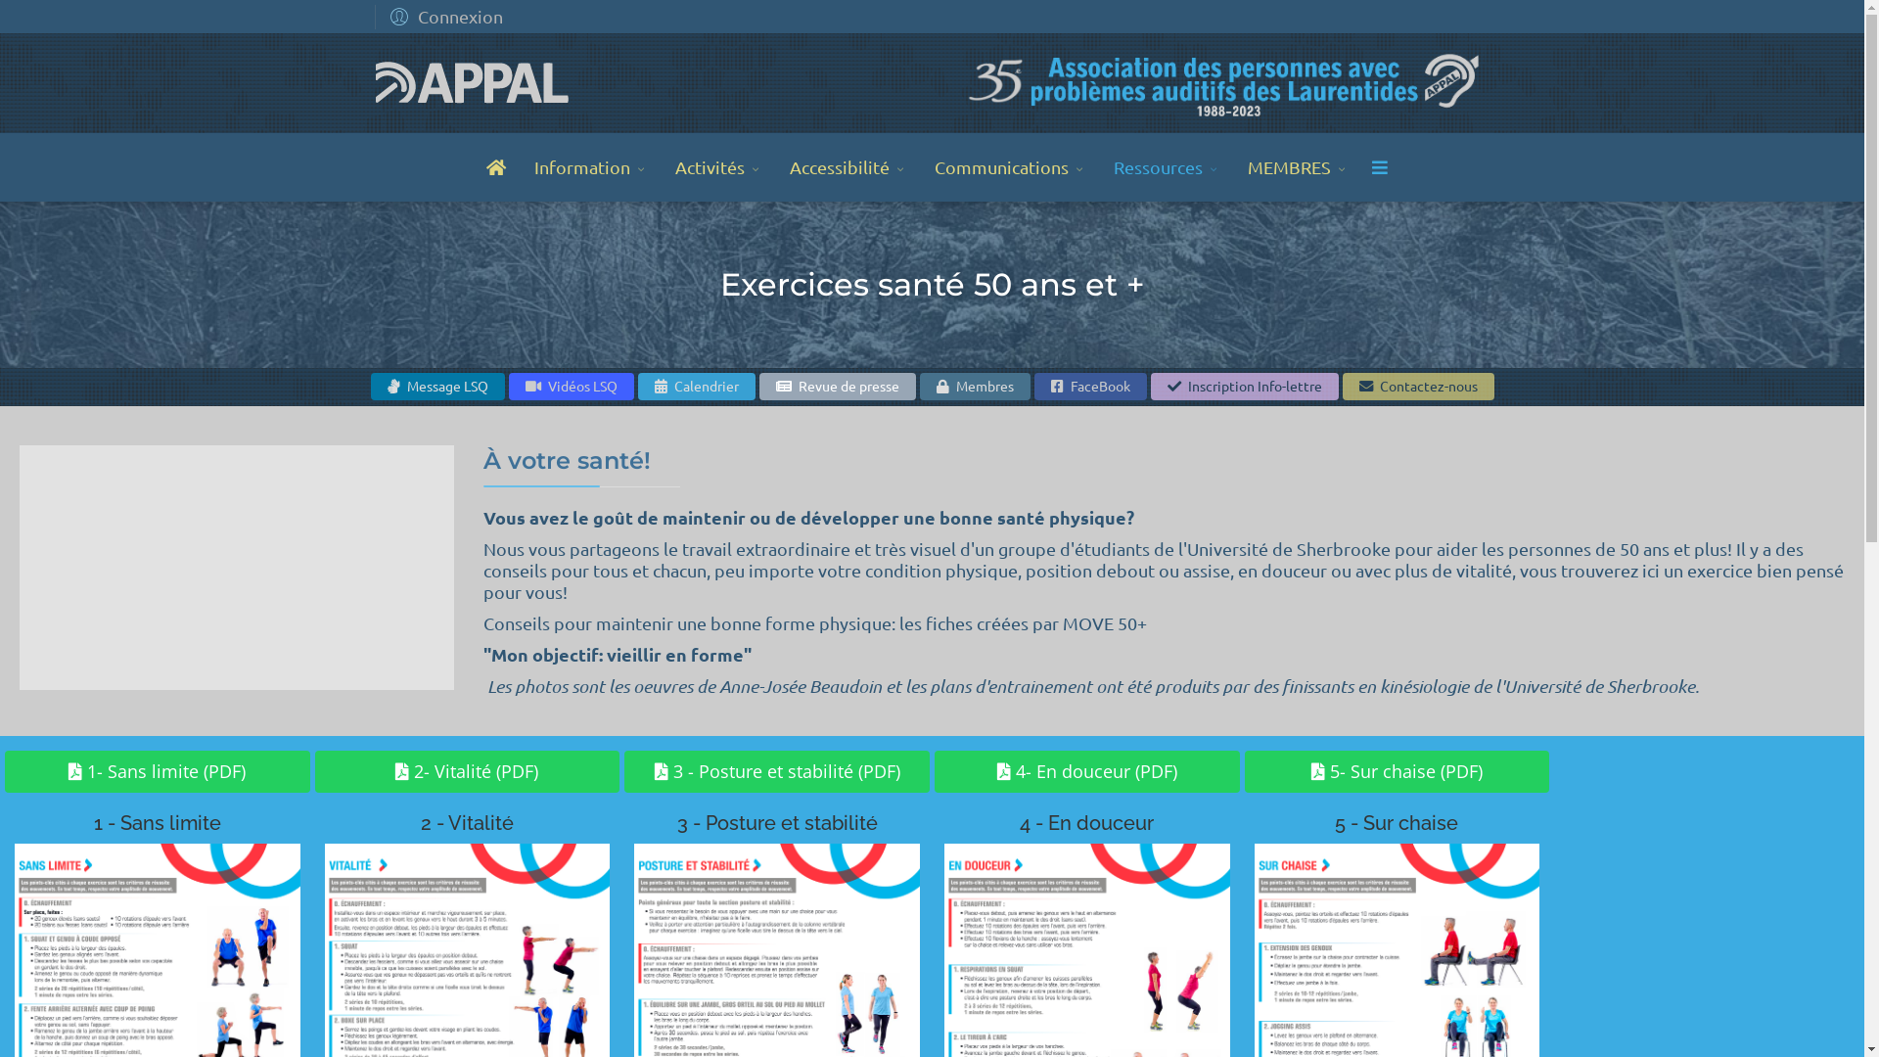 The height and width of the screenshot is (1057, 1879). I want to click on '4- En douceur (PDF)', so click(1085, 770).